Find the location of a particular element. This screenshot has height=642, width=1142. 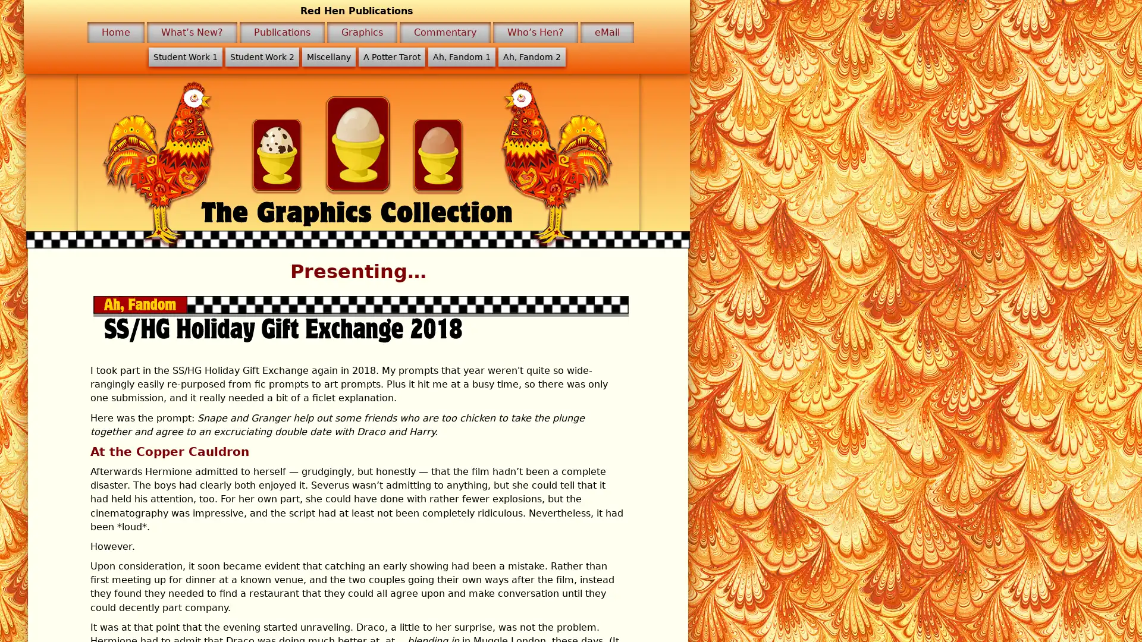

Ah, Fandom 1 is located at coordinates (460, 57).